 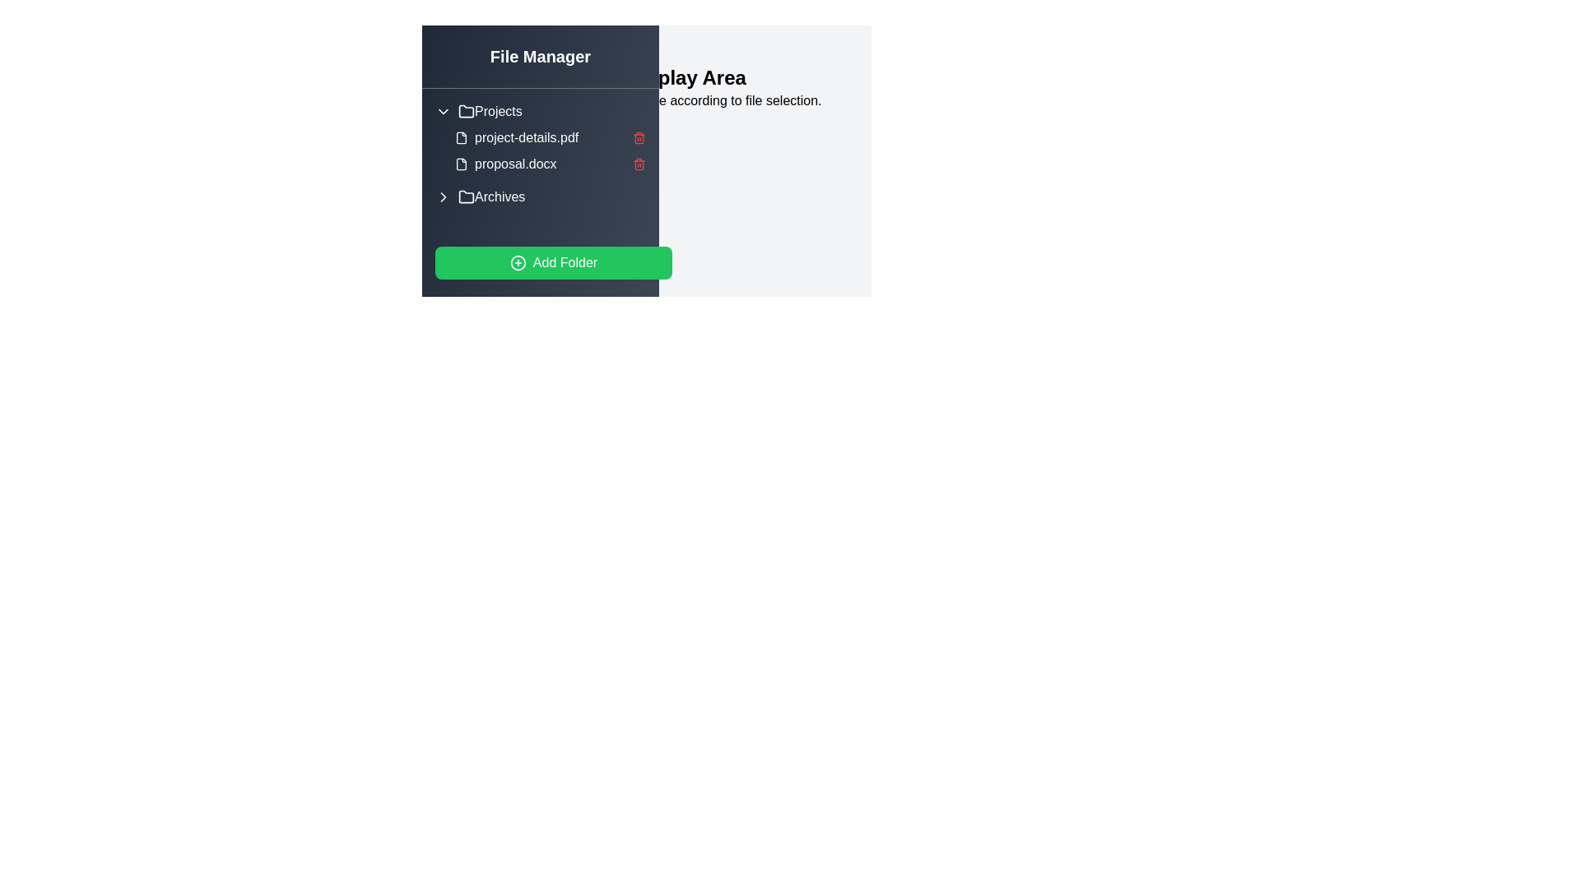 I want to click on the button to add a new folder located at the bottom of the sidebar in the File Manager section, so click(x=553, y=262).